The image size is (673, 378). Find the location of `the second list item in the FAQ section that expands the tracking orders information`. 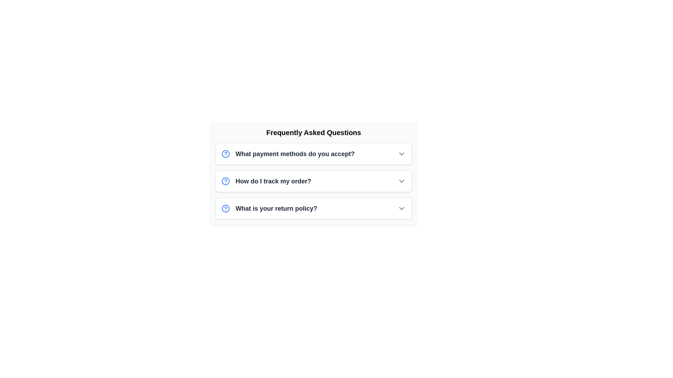

the second list item in the FAQ section that expands the tracking orders information is located at coordinates (313, 181).